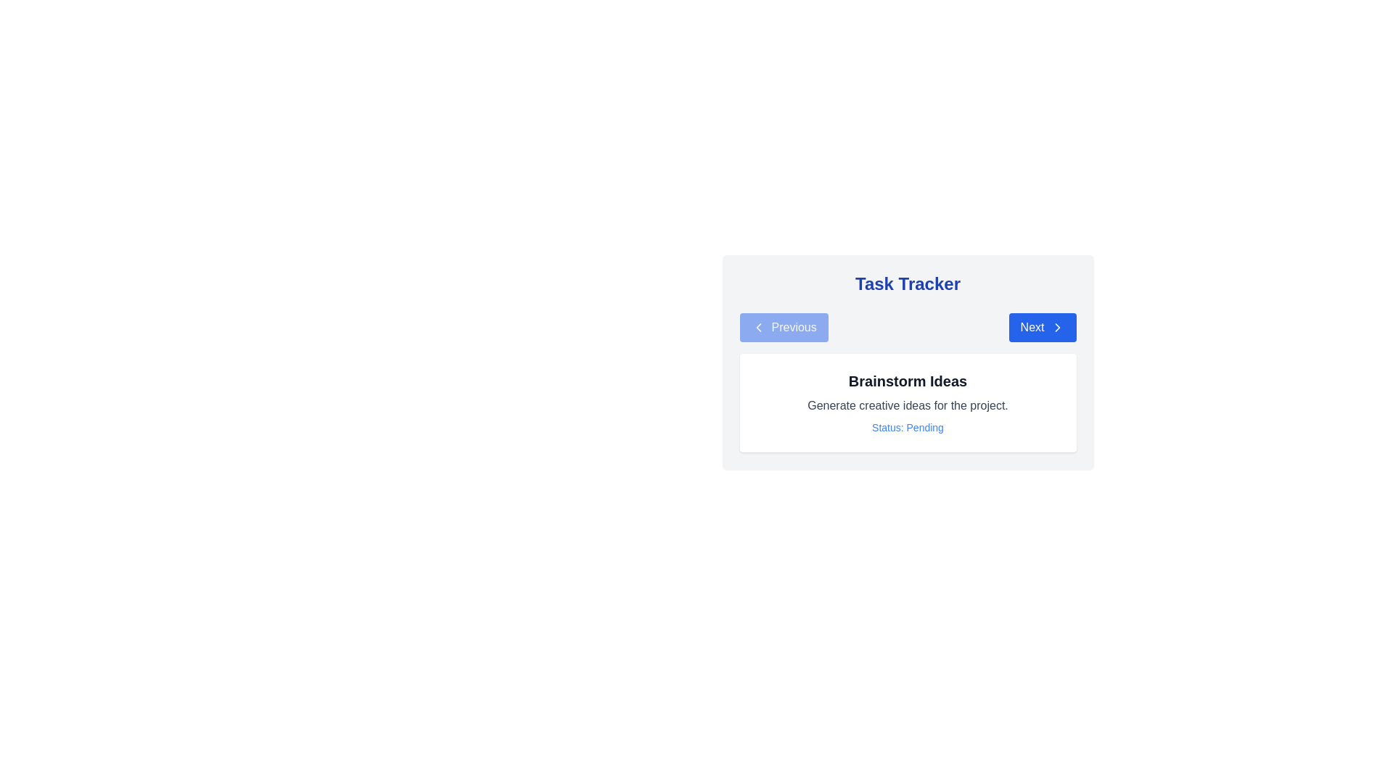 The image size is (1393, 783). Describe the element at coordinates (907, 284) in the screenshot. I see `the Heading or Title that serves as the title for the task management functionality, located at the top of a card-like structure with a light gray background` at that location.